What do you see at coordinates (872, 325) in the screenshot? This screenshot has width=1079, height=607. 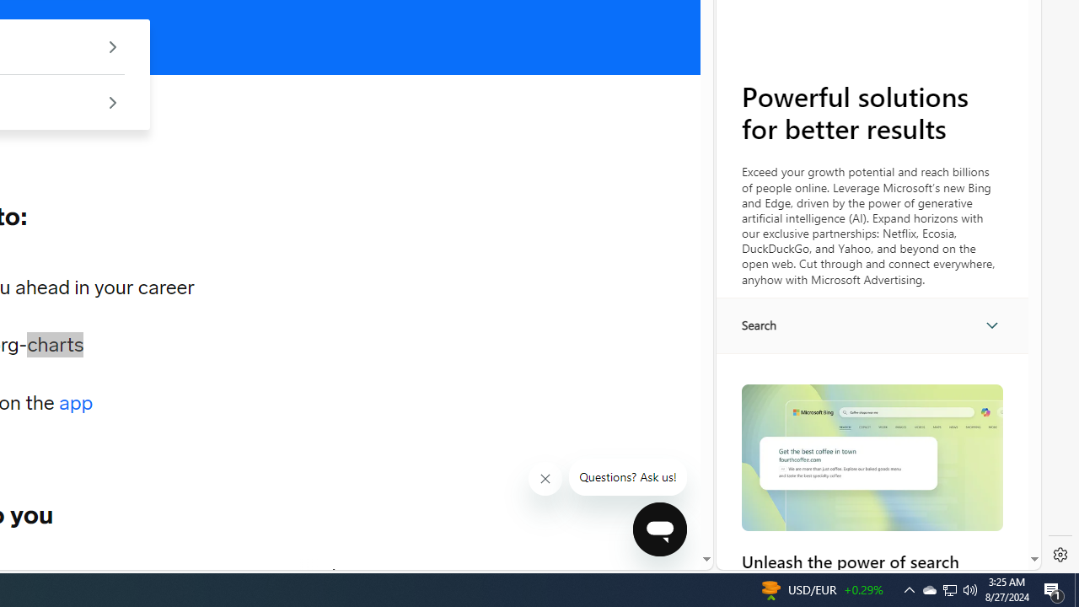 I see `'AutomationID: search'` at bounding box center [872, 325].